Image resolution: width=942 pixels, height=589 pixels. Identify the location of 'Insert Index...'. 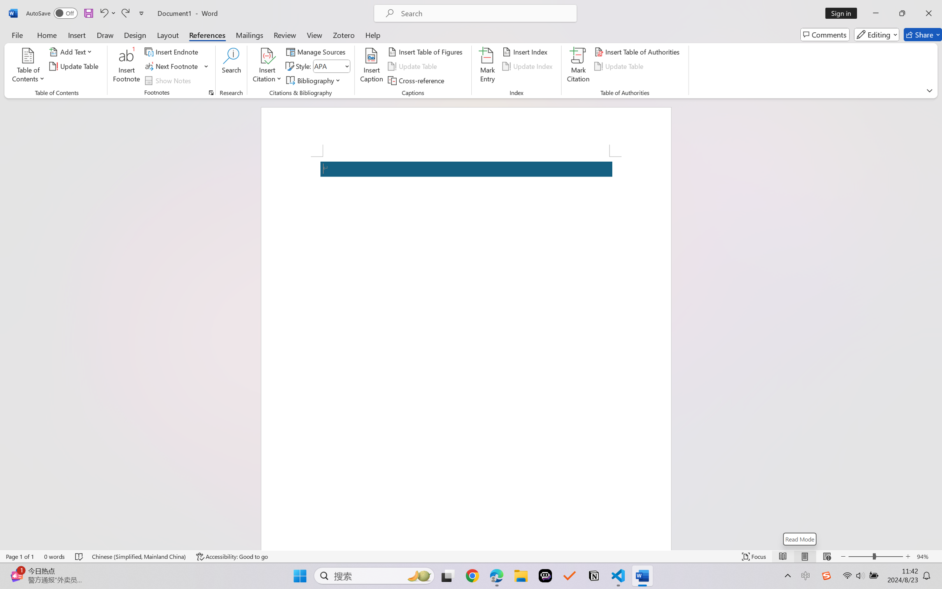
(525, 51).